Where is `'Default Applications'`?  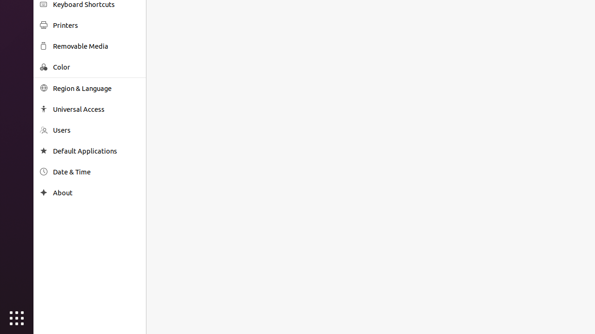 'Default Applications' is located at coordinates (96, 150).